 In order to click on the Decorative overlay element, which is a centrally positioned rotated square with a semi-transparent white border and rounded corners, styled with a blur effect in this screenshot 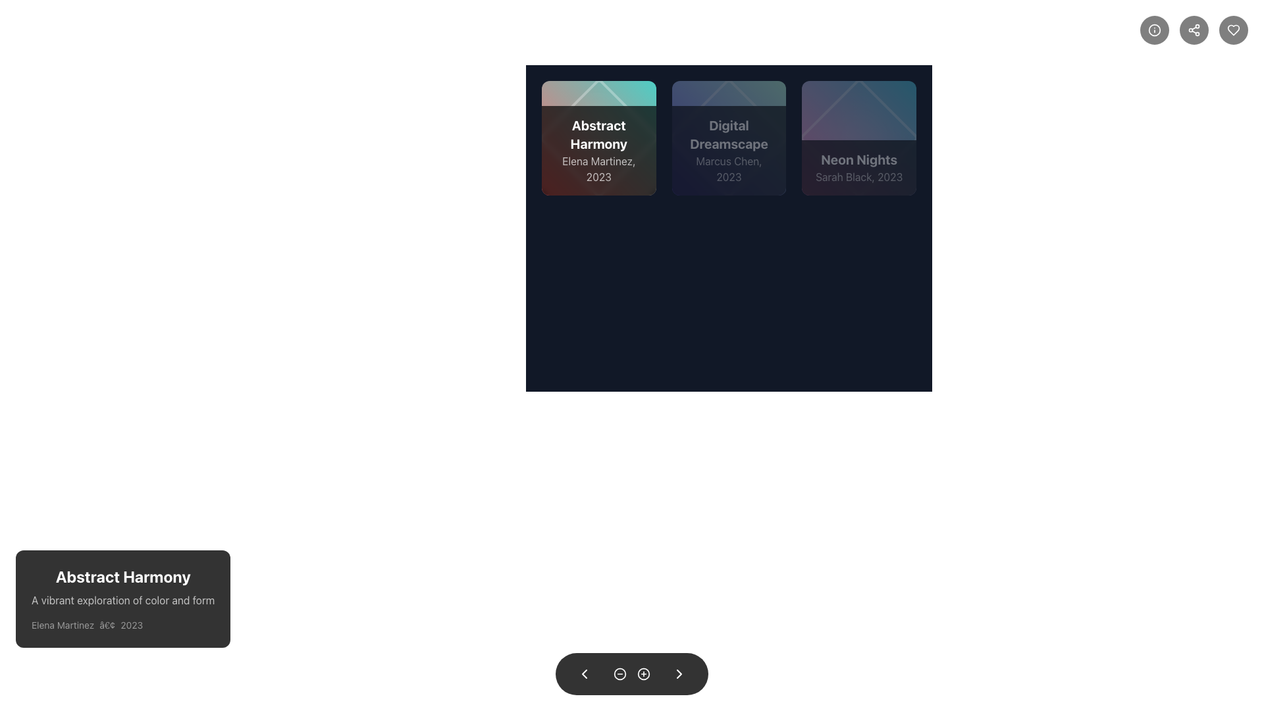, I will do `click(859, 138)`.